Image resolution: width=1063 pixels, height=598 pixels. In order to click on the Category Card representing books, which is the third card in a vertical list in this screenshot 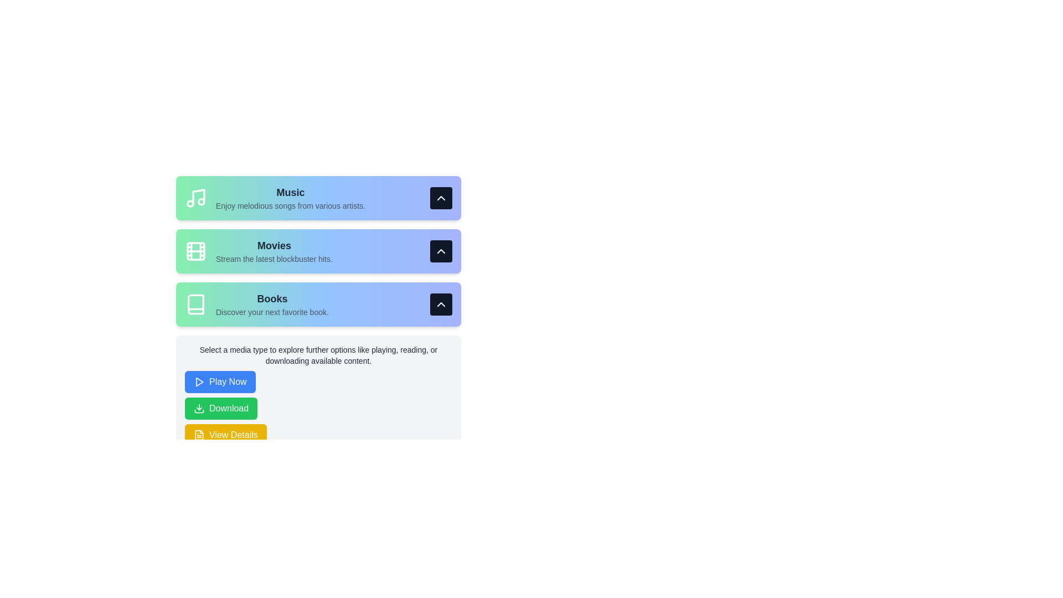, I will do `click(318, 316)`.